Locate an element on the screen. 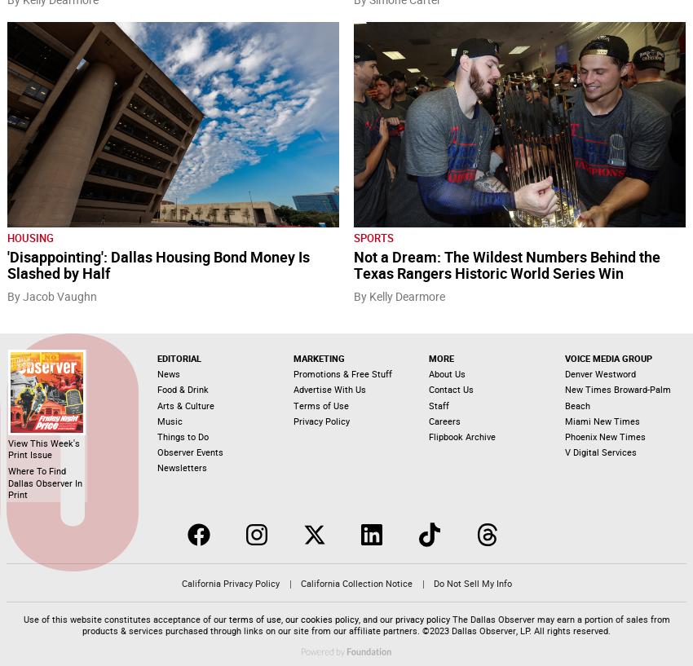 The width and height of the screenshot is (693, 666). 'Miami New Times' is located at coordinates (602, 420).